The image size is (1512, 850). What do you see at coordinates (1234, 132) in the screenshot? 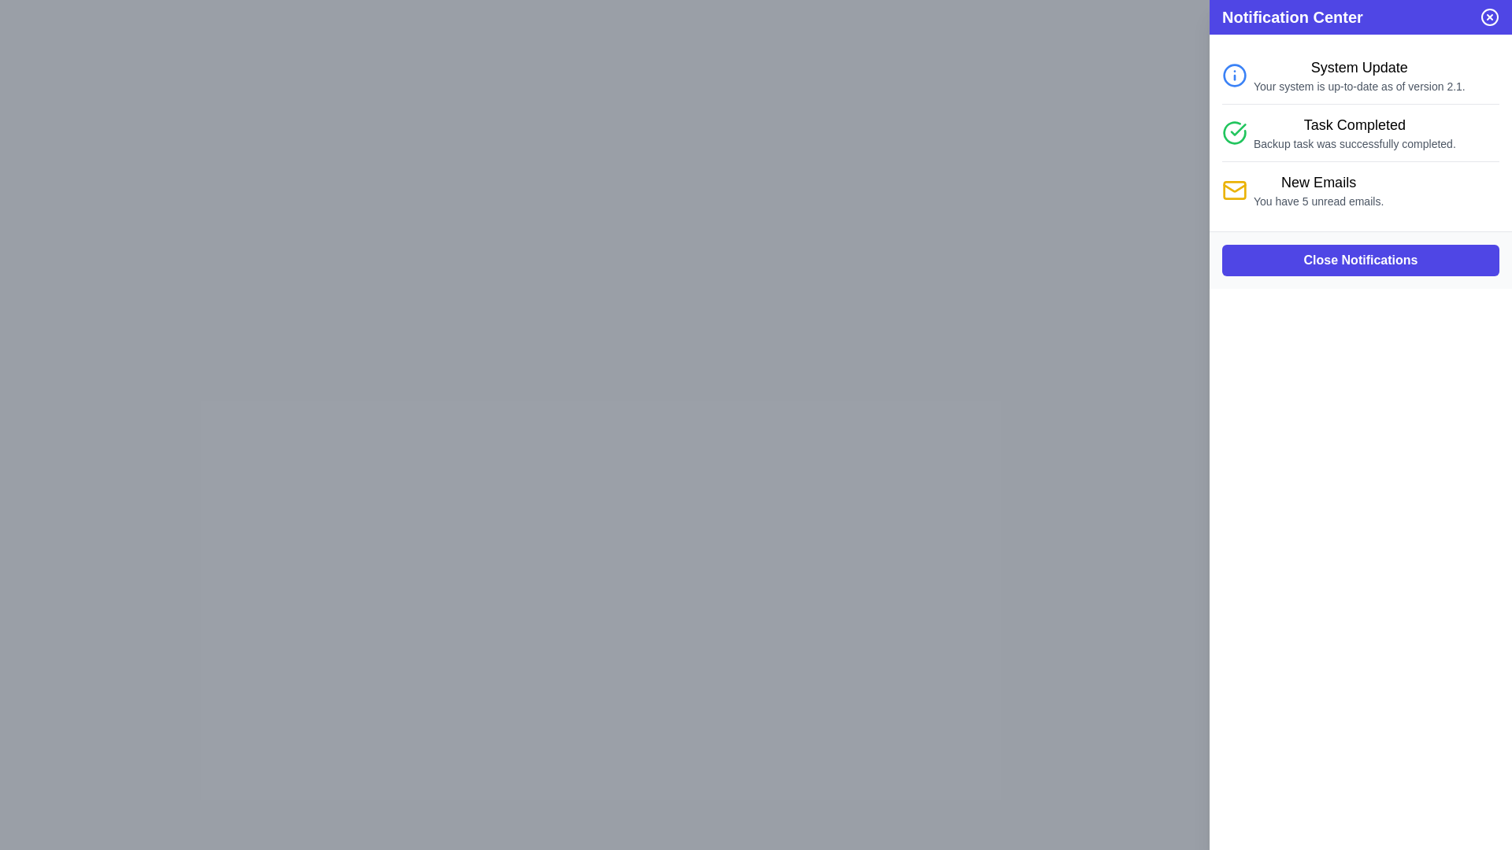
I see `the circular checkmark icon with a green outline located next to the 'Task Completed' notification message in the Notification Center` at bounding box center [1234, 132].